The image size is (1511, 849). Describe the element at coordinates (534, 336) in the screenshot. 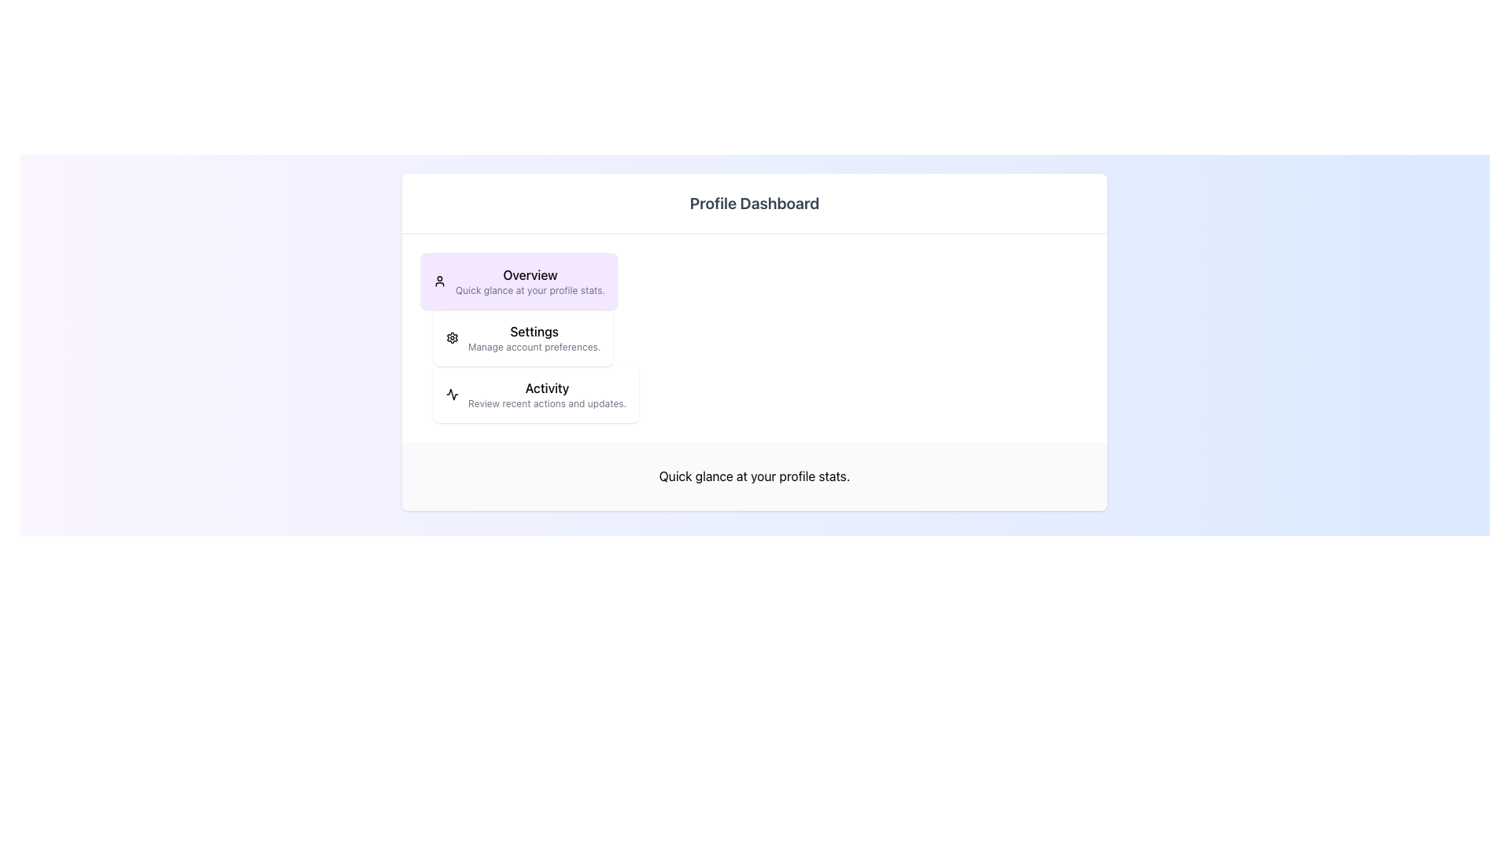

I see `the 'Settings' static text label element, which is the second item in the vertical list` at that location.